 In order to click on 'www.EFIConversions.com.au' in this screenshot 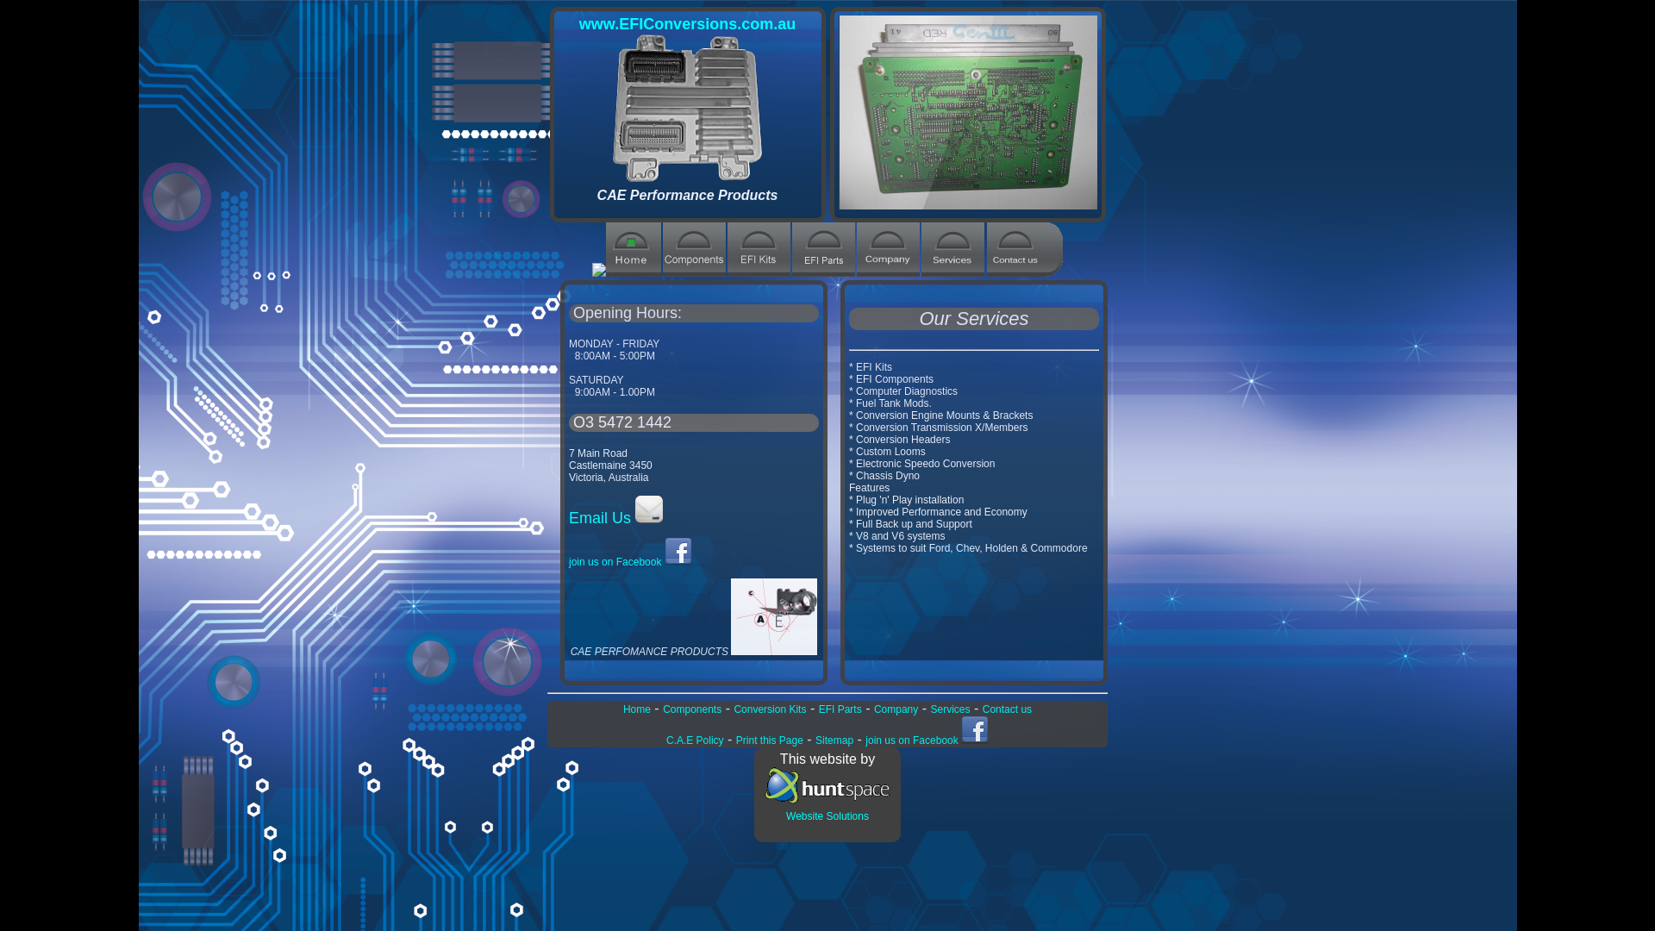, I will do `click(686, 23)`.